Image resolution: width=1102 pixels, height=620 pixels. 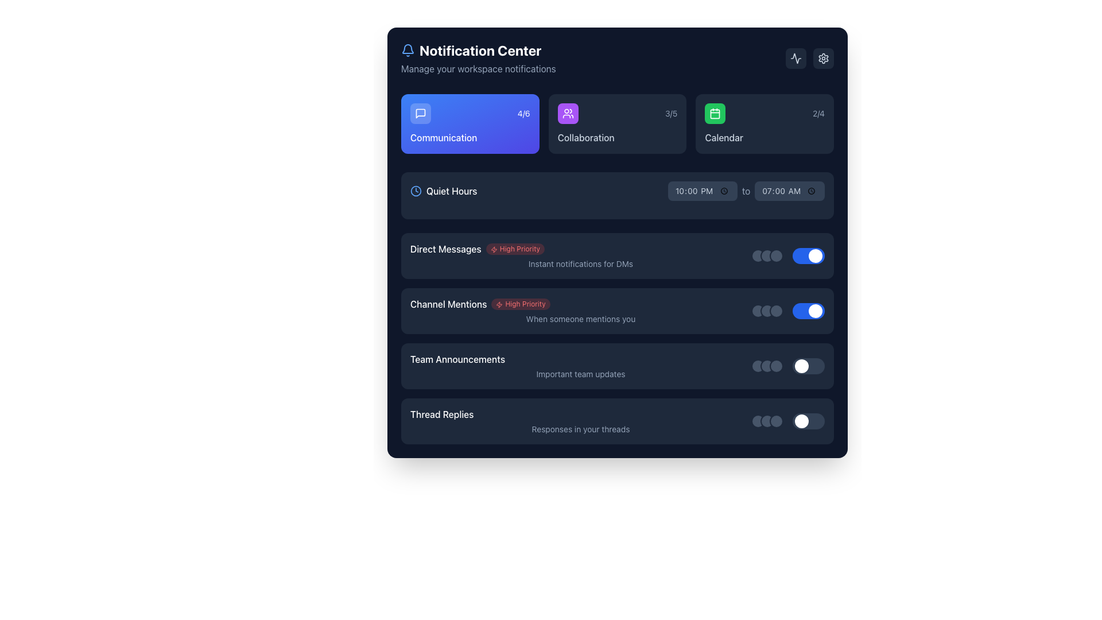 What do you see at coordinates (470, 137) in the screenshot?
I see `the text label indicating 'Communication' located in the second row of a card, positioned below the '4/6' statistic` at bounding box center [470, 137].